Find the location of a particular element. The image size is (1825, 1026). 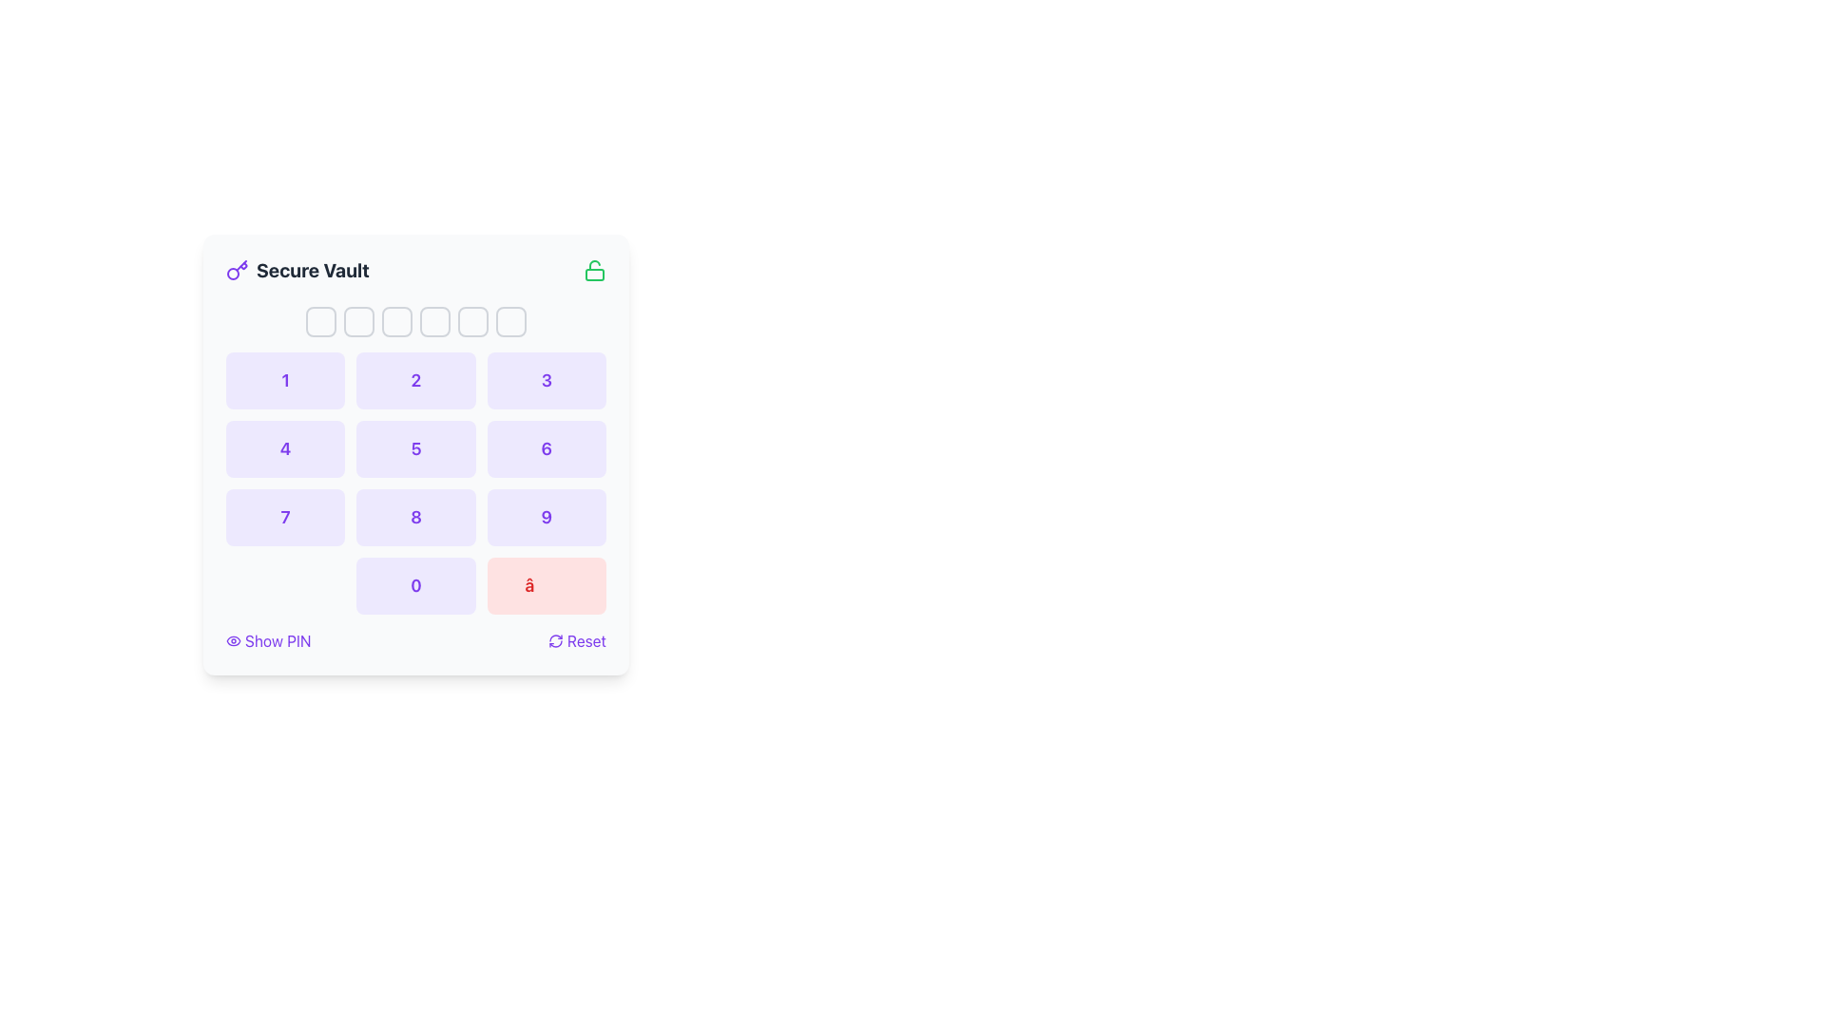

the button with rounded corners and a purple background labeled '8' on the numeric keypad to input '8' is located at coordinates (414, 517).